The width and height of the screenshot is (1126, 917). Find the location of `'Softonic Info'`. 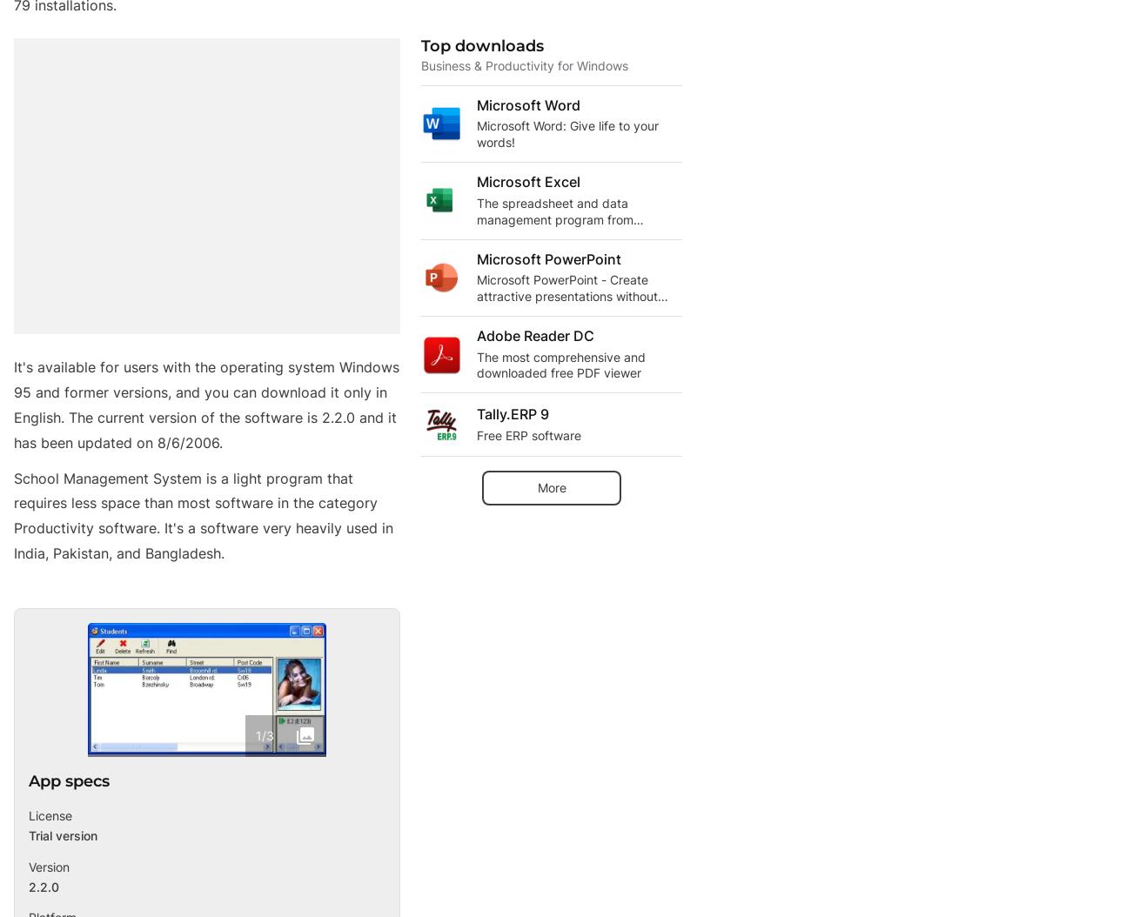

'Softonic Info' is located at coordinates (56, 599).